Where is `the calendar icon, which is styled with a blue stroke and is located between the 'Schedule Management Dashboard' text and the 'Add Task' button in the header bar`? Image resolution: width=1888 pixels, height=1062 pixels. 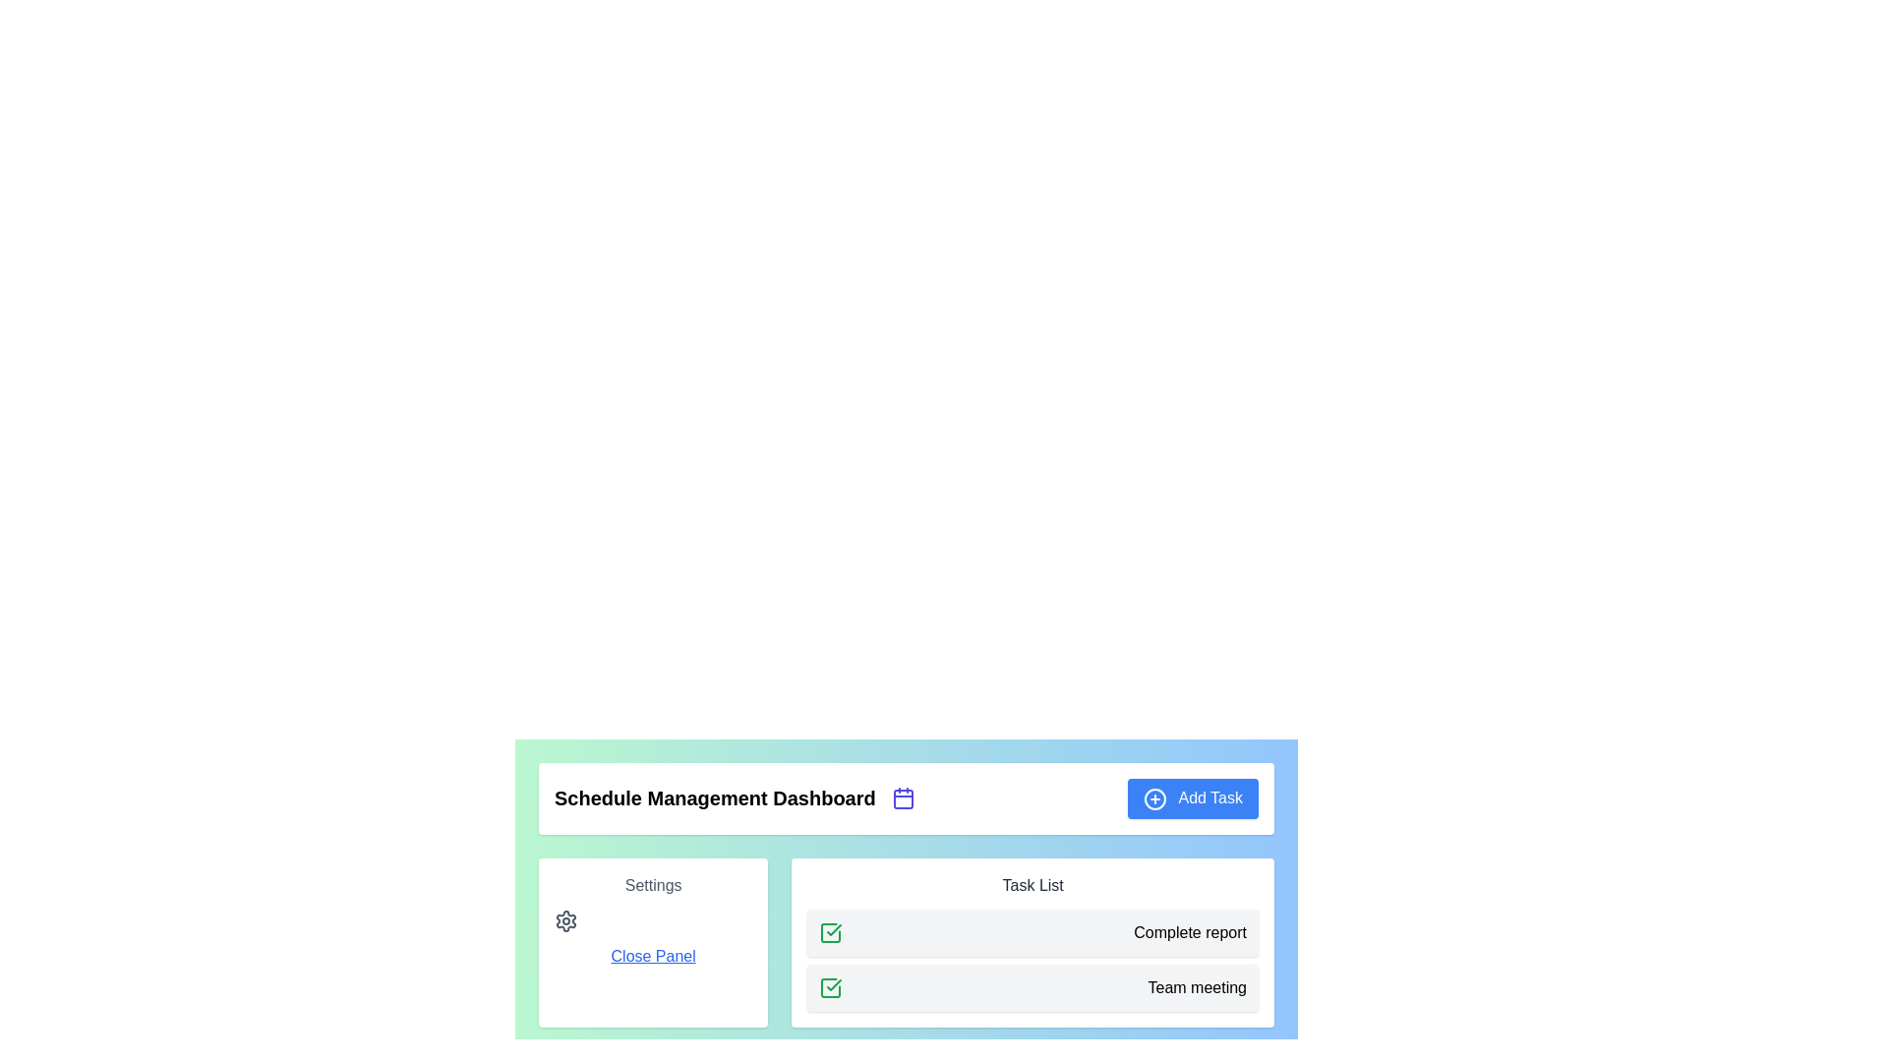 the calendar icon, which is styled with a blue stroke and is located between the 'Schedule Management Dashboard' text and the 'Add Task' button in the header bar is located at coordinates (902, 798).